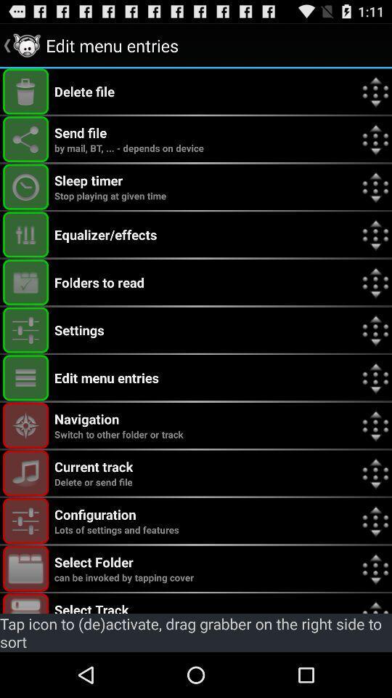 Image resolution: width=392 pixels, height=698 pixels. Describe the element at coordinates (25, 281) in the screenshot. I see `show folders` at that location.